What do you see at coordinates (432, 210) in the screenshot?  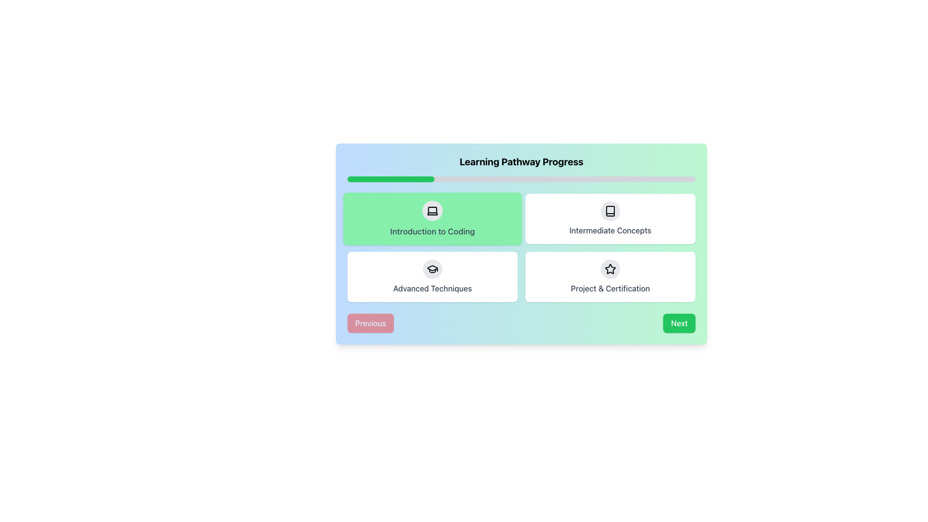 I see `the graphical laptop icon in the green-labeled 'Introduction to Coding' button located in the top-left corner of a four-item grid` at bounding box center [432, 210].